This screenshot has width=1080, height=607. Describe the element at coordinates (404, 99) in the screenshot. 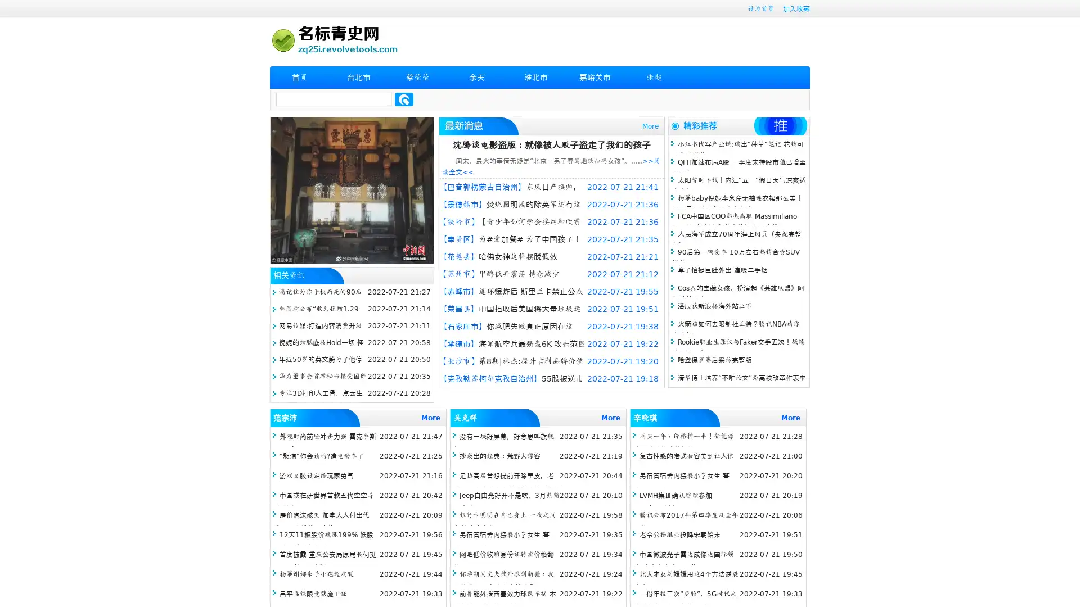

I see `Search` at that location.